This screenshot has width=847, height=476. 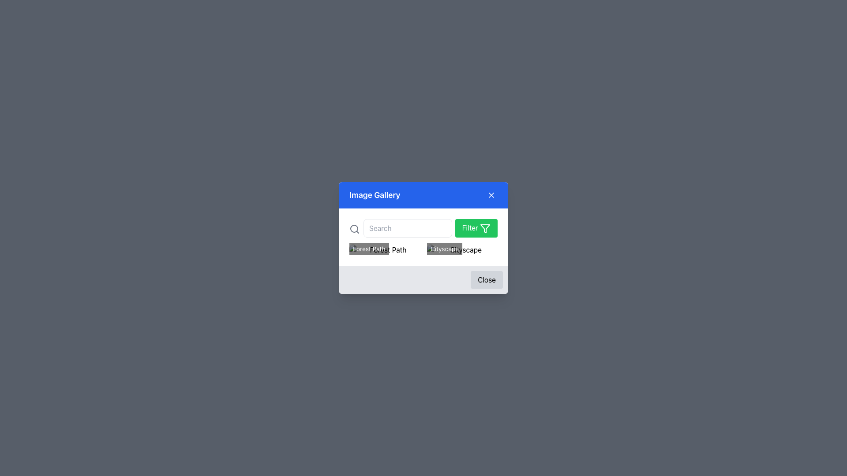 What do you see at coordinates (375, 195) in the screenshot?
I see `the 'Image Gallery' text label displayed in bold white font on a blue background at the top-left of the modal dialog title bar` at bounding box center [375, 195].